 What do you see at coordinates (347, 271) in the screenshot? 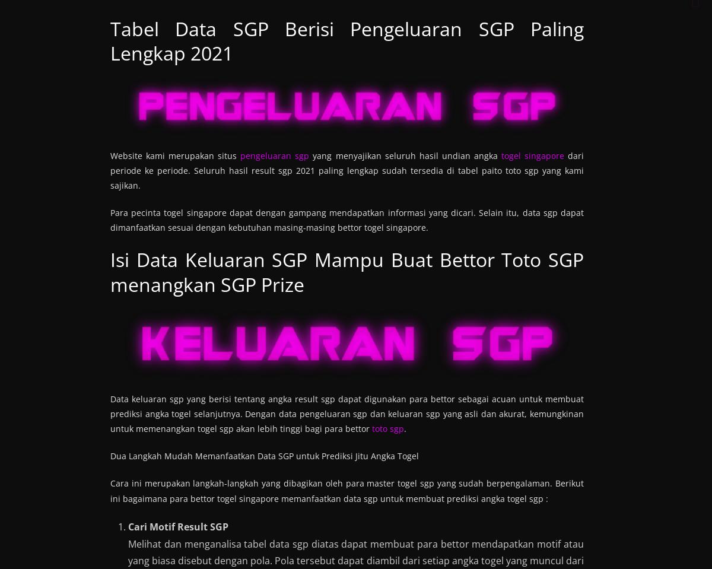
I see `'Isi Data Keluaran SGP Mampu Buat Bettor Toto SGP menangkan SGP Prize'` at bounding box center [347, 271].